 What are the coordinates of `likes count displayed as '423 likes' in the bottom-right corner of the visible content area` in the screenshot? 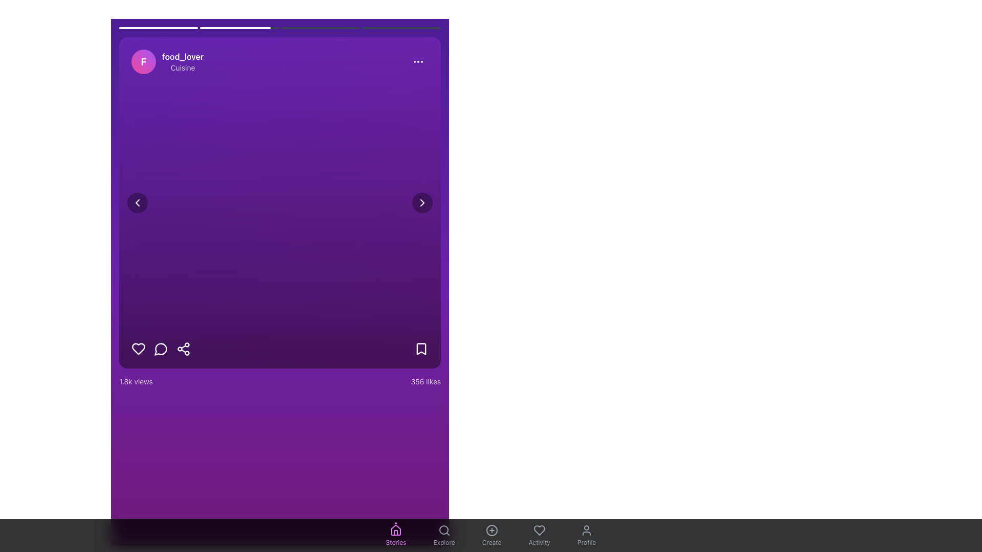 It's located at (426, 382).